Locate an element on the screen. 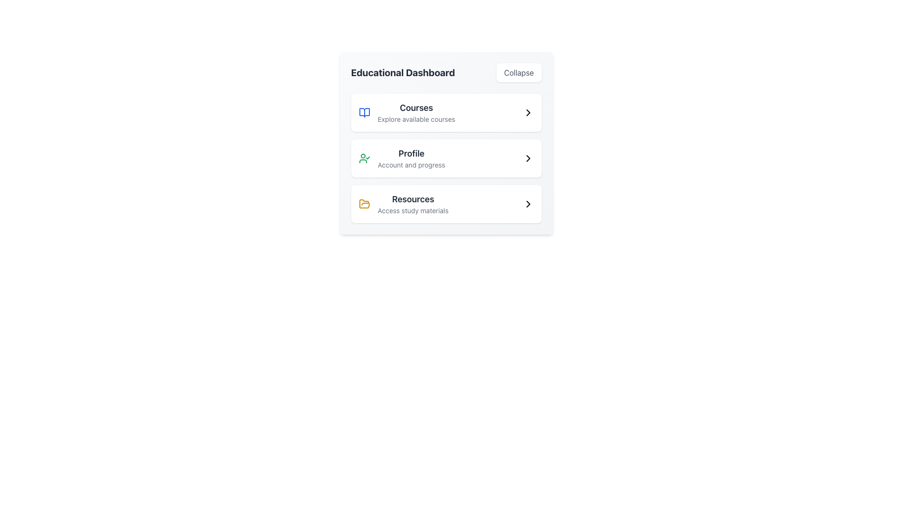  the title and description block for the 'Courses' section in the 'Educational Dashboard' is located at coordinates (416, 112).